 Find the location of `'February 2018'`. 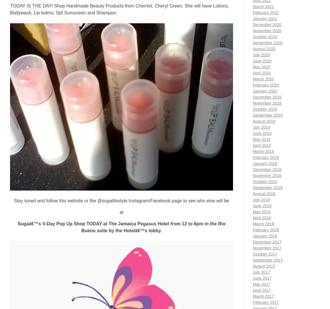

'February 2018' is located at coordinates (266, 229).